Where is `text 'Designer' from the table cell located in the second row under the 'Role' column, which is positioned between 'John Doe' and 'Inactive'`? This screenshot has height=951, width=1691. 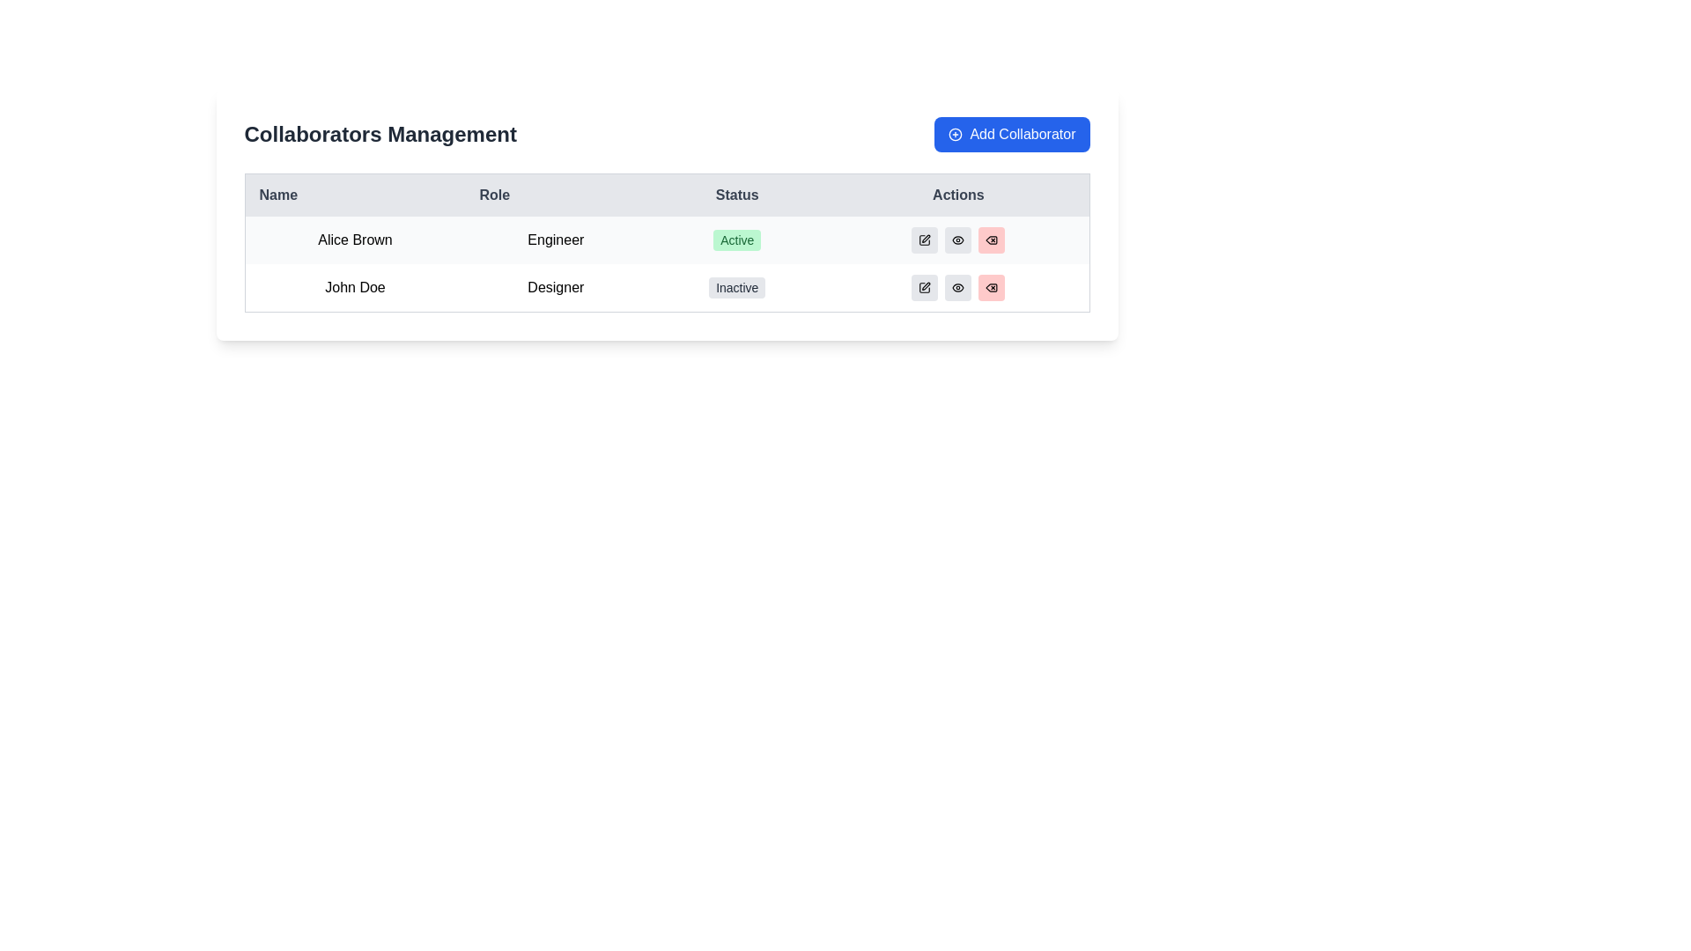
text 'Designer' from the table cell located in the second row under the 'Role' column, which is positioned between 'John Doe' and 'Inactive' is located at coordinates (555, 287).